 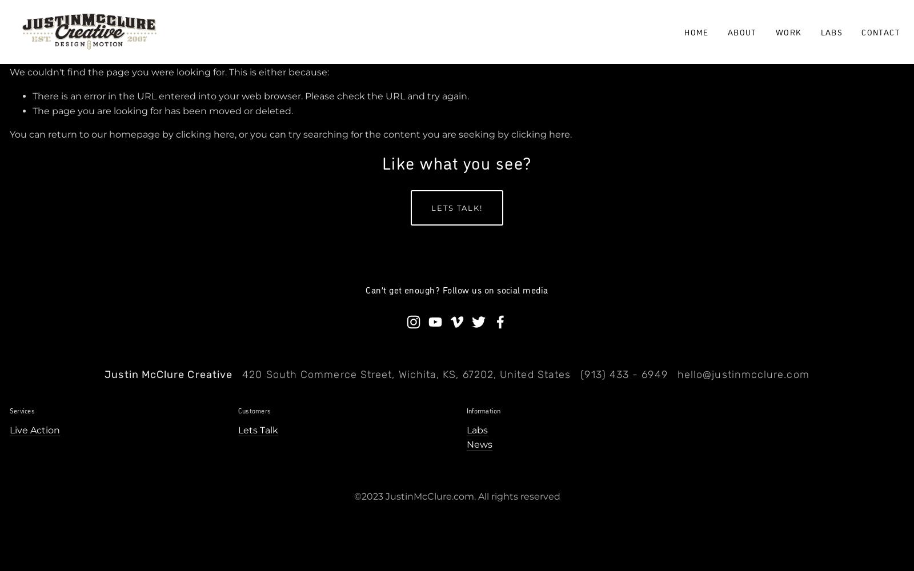 What do you see at coordinates (742, 375) in the screenshot?
I see `'hello@justinmcclure.com'` at bounding box center [742, 375].